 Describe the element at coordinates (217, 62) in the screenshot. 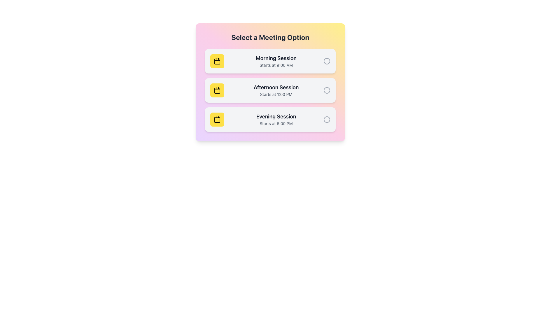

I see `the first decorative calendar icon, which is a yellow rectangular icon with rounded corners, located to the left of the 'Morning Session' label in the session options list` at that location.